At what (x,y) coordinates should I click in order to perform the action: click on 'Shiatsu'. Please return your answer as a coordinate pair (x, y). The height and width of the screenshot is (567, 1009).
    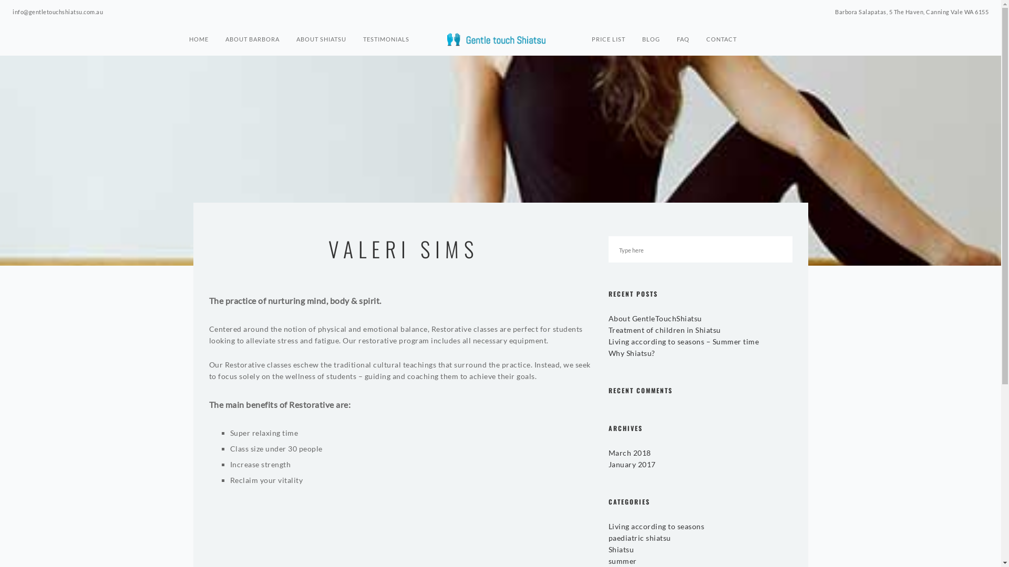
    Looking at the image, I should click on (608, 549).